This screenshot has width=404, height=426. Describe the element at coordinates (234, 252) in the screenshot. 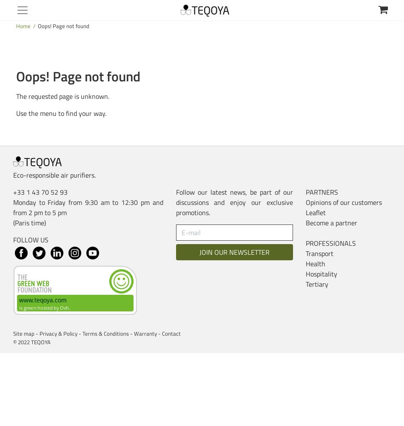

I see `'JOIN OUR NEWSLETTER'` at that location.